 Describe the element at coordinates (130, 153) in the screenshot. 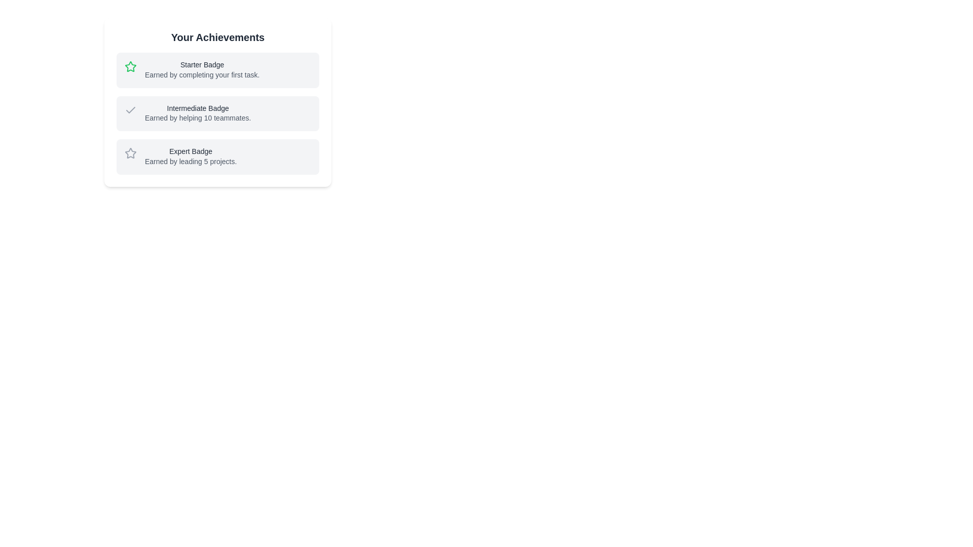

I see `the 'Expert Badge' icon that symbolizes the achievement of leading 5 projects, located at the top-left corner of the 'Your Achievements' panel` at that location.